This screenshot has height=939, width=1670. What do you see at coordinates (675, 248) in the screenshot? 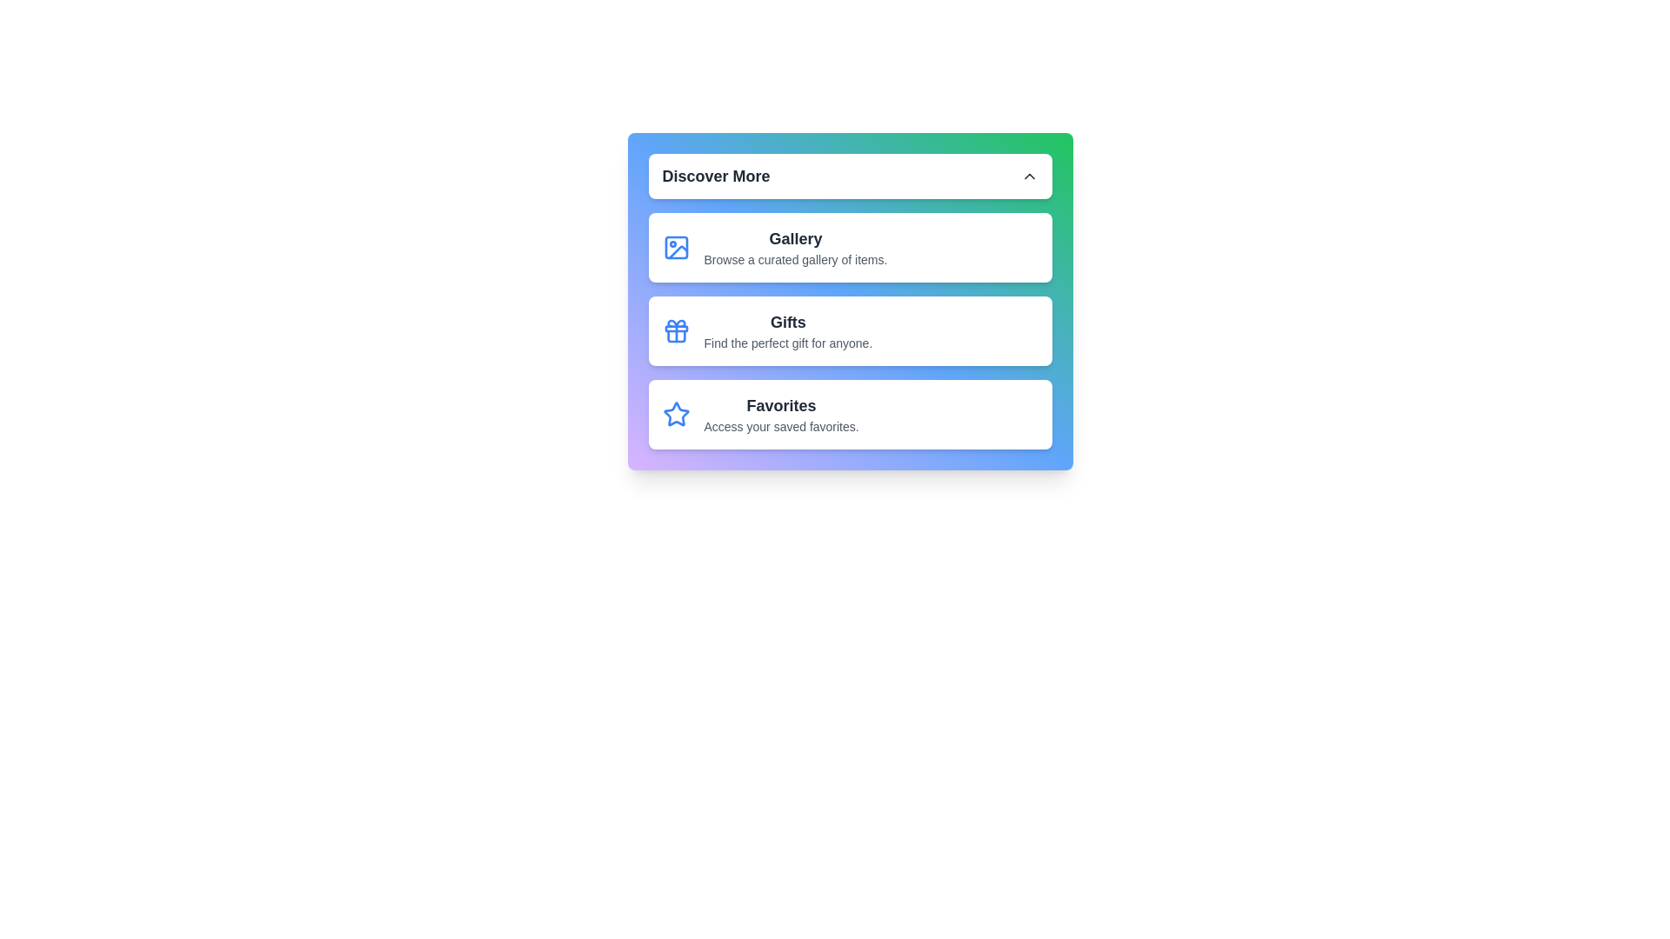
I see `the Gallery icon to focus on it` at bounding box center [675, 248].